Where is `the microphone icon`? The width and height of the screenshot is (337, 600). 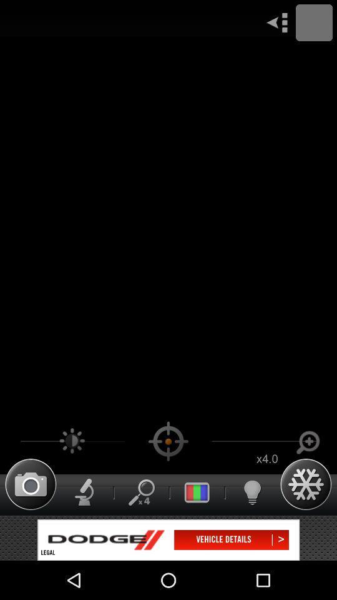 the microphone icon is located at coordinates (252, 526).